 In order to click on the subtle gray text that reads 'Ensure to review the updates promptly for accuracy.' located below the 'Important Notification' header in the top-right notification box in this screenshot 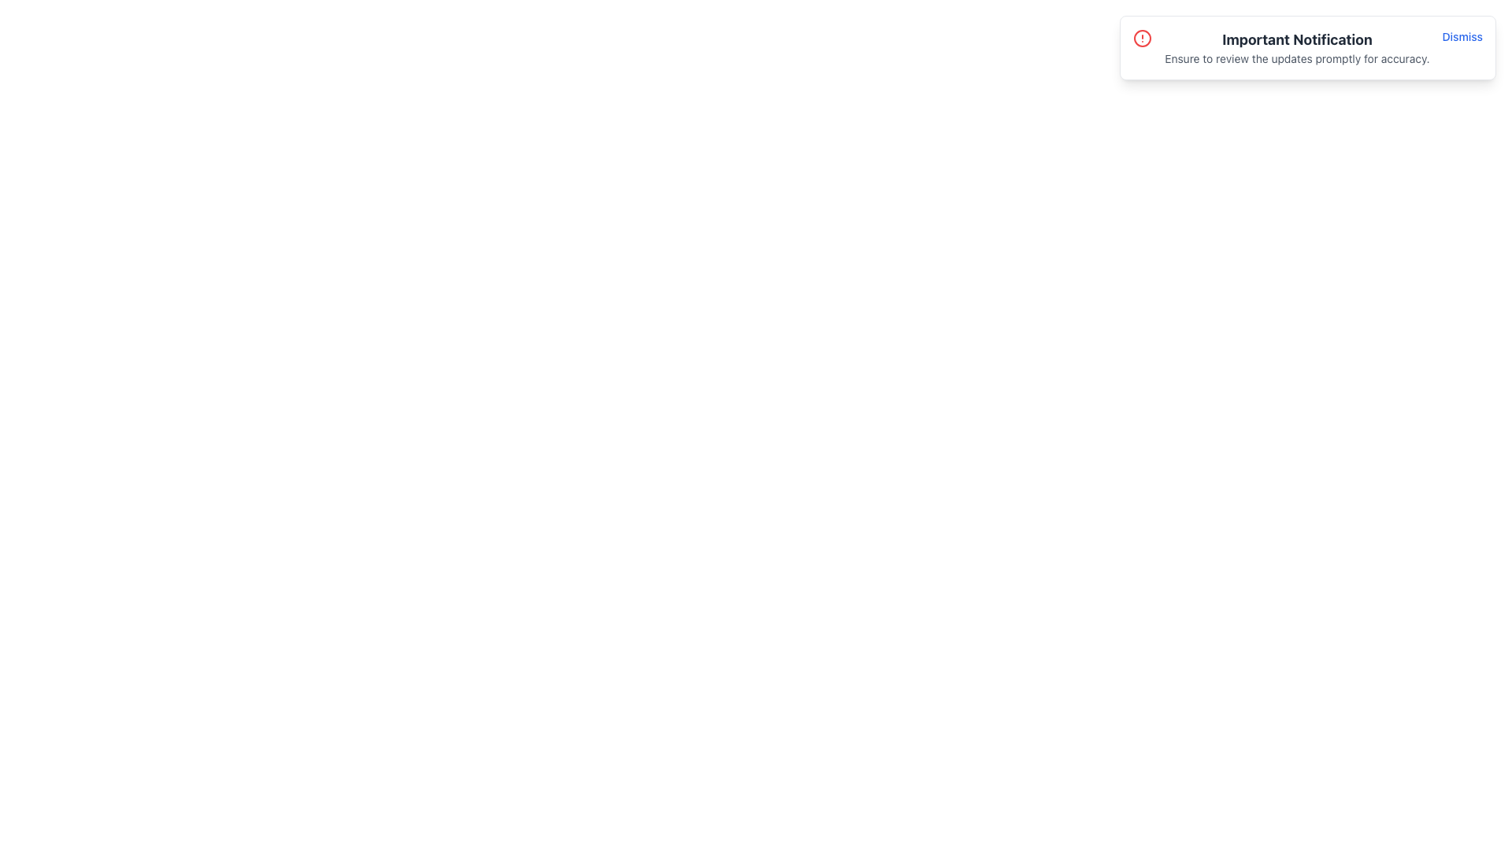, I will do `click(1297, 57)`.